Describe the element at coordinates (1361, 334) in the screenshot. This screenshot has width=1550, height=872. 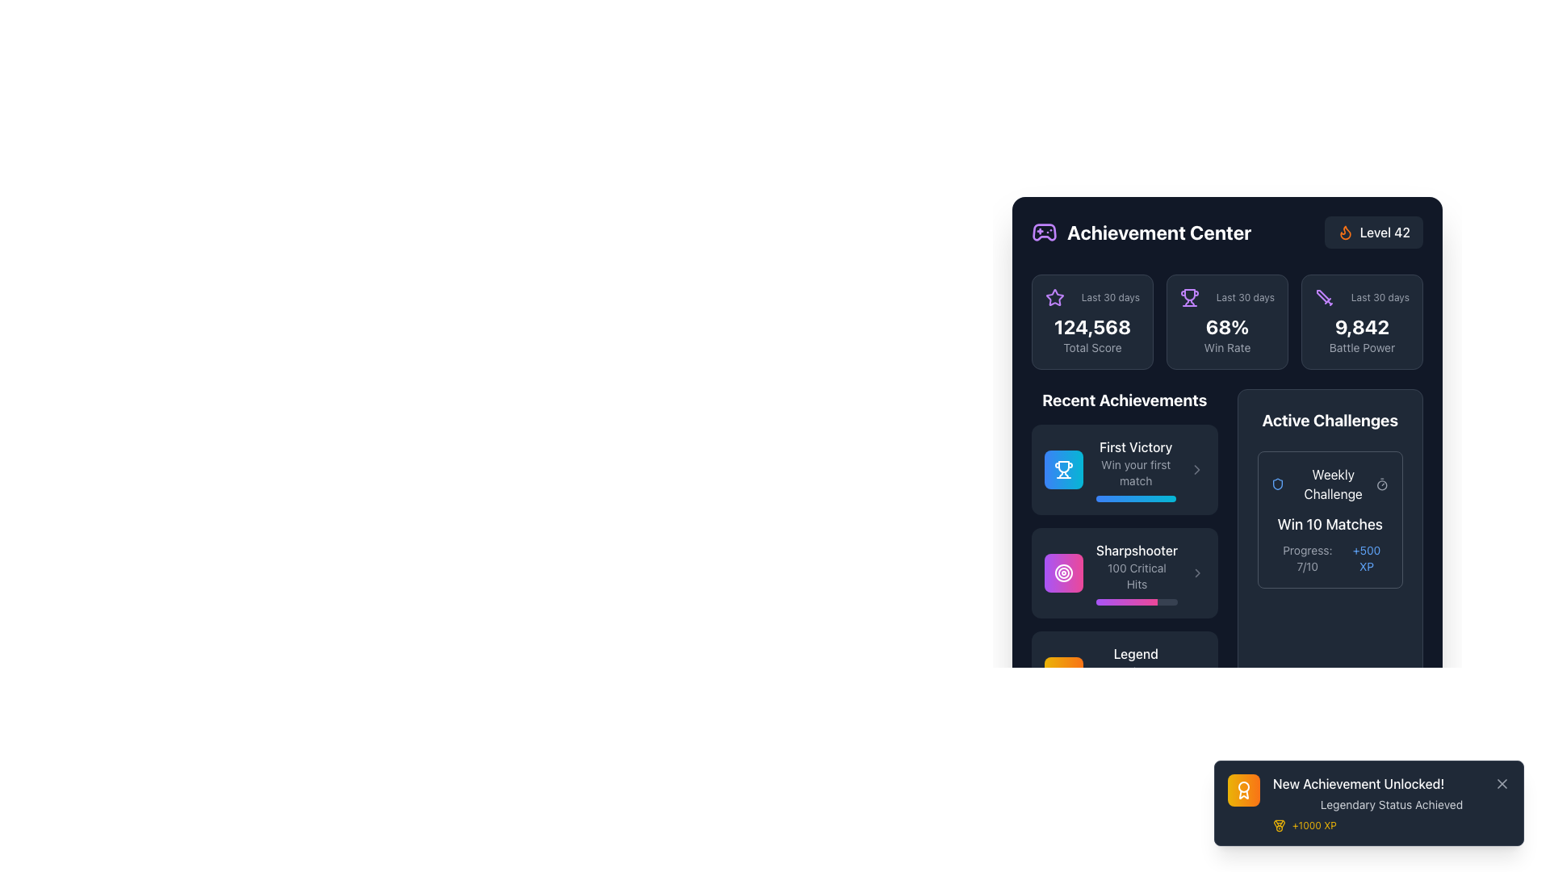
I see `the Text Display that shows the player's current battle power statistic, located at the bottom right of the 'Last 30 days' stats section, underneath the sword icon` at that location.